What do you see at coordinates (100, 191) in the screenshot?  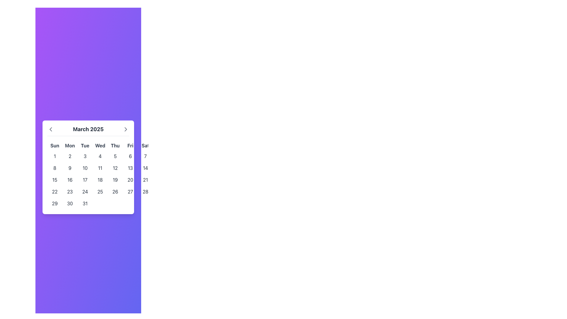 I see `the text element displaying the number '25' in the calendar interface to observe the hover effect with a purple background` at bounding box center [100, 191].